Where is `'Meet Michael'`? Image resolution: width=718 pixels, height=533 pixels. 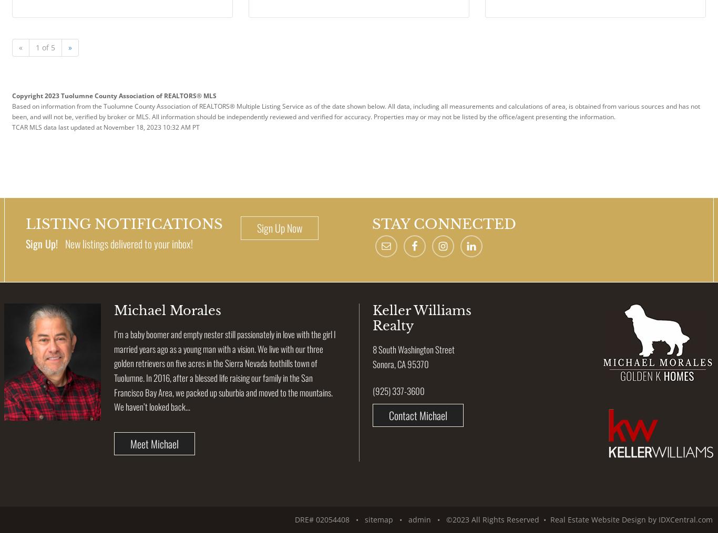
'Meet Michael' is located at coordinates (154, 443).